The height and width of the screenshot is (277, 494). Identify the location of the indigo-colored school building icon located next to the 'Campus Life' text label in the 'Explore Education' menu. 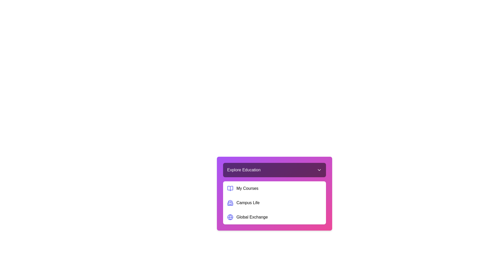
(230, 202).